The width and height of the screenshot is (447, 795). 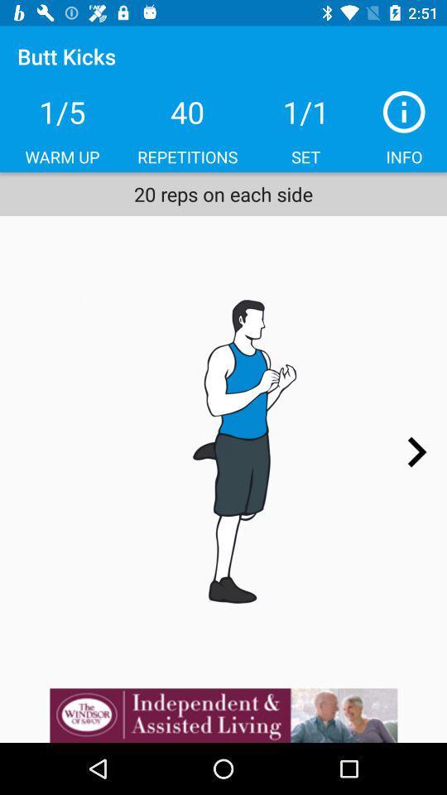 What do you see at coordinates (416, 452) in the screenshot?
I see `the arrow_forward icon` at bounding box center [416, 452].